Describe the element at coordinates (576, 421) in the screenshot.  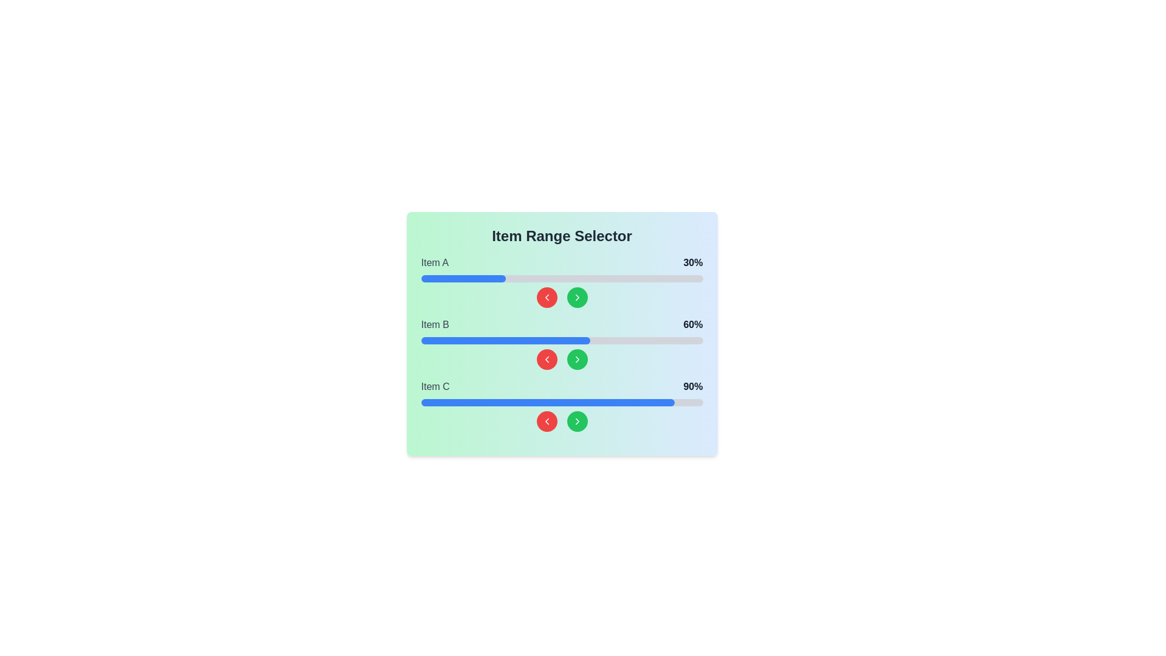
I see `the right-pointing chevron icon in the 'Item C' section of the 'Item Range Selector'` at that location.